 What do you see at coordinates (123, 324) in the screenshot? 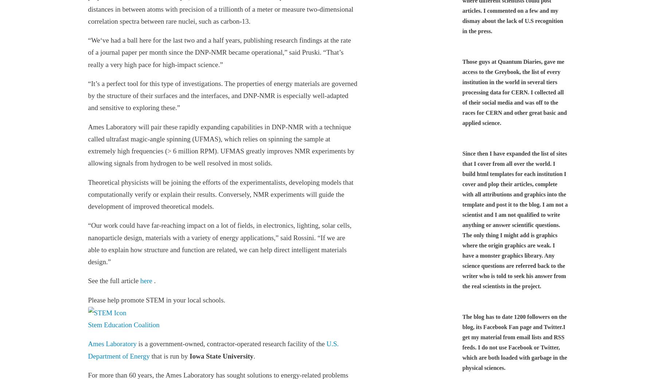
I see `'Stem Education Coalition'` at bounding box center [123, 324].